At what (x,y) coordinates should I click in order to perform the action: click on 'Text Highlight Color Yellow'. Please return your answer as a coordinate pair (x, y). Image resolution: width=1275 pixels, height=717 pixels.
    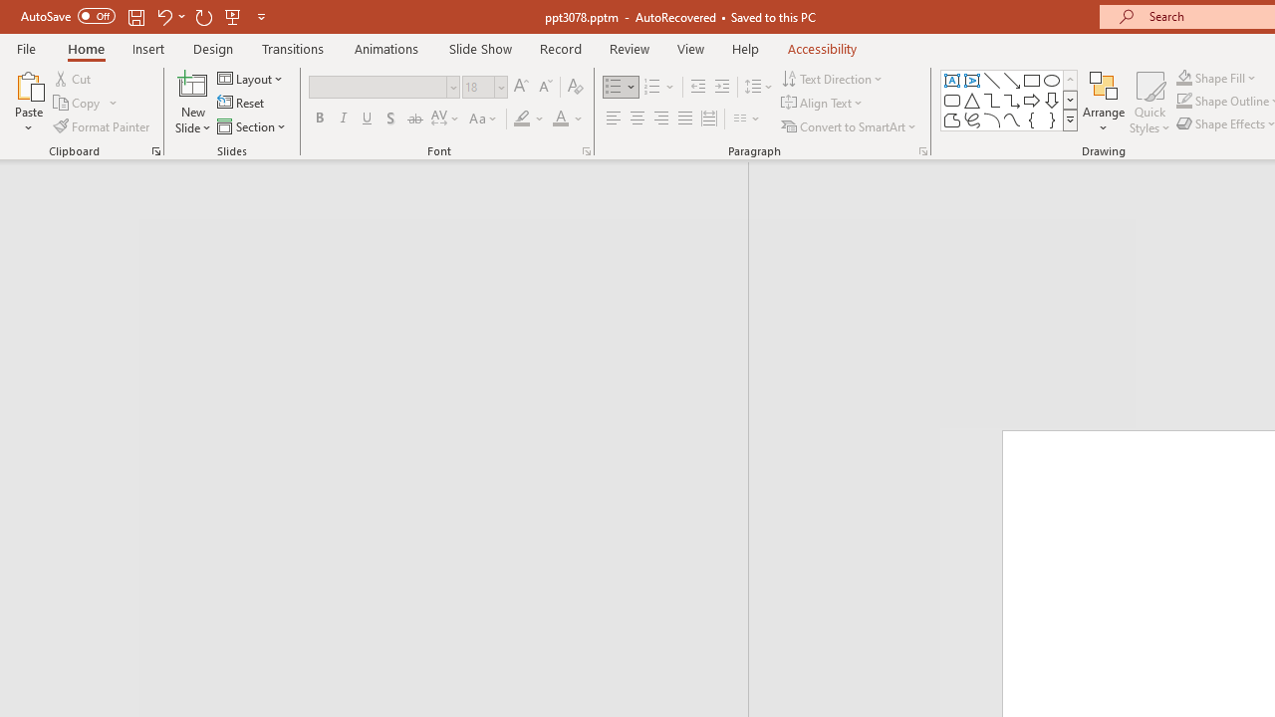
    Looking at the image, I should click on (522, 119).